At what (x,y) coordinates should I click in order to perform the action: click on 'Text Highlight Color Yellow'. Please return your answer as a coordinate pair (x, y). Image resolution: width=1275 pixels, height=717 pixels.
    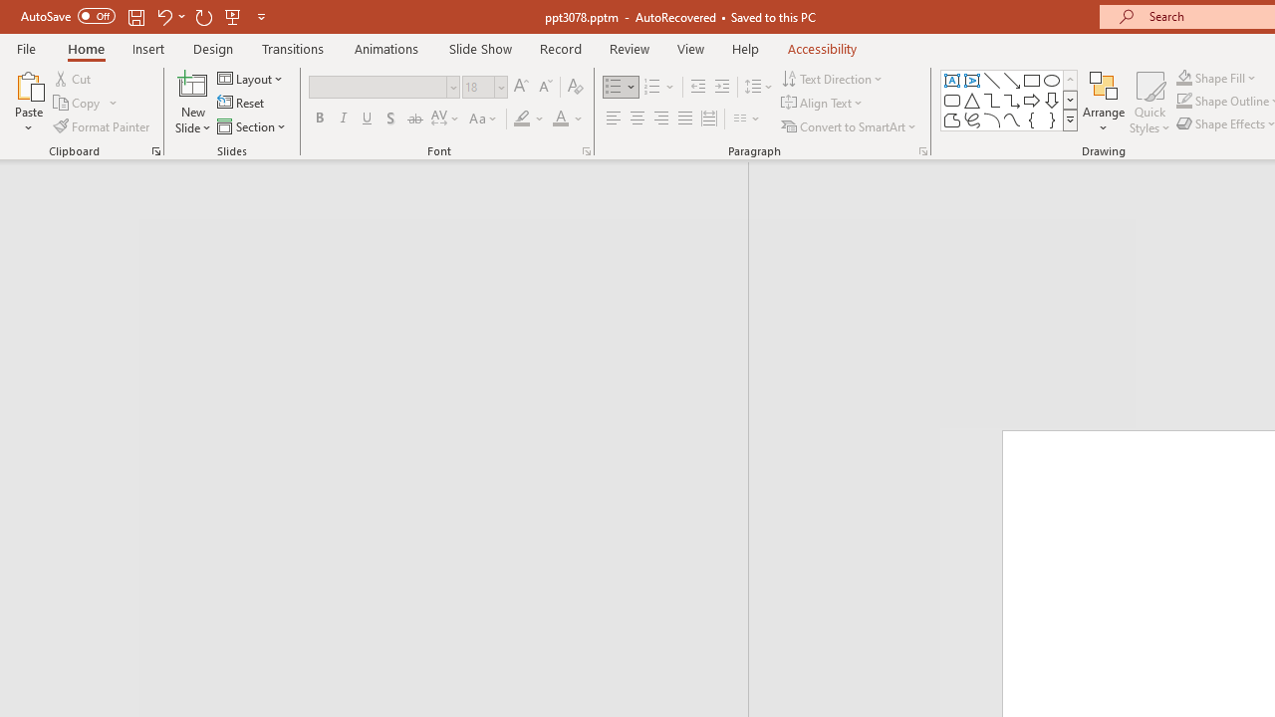
    Looking at the image, I should click on (522, 119).